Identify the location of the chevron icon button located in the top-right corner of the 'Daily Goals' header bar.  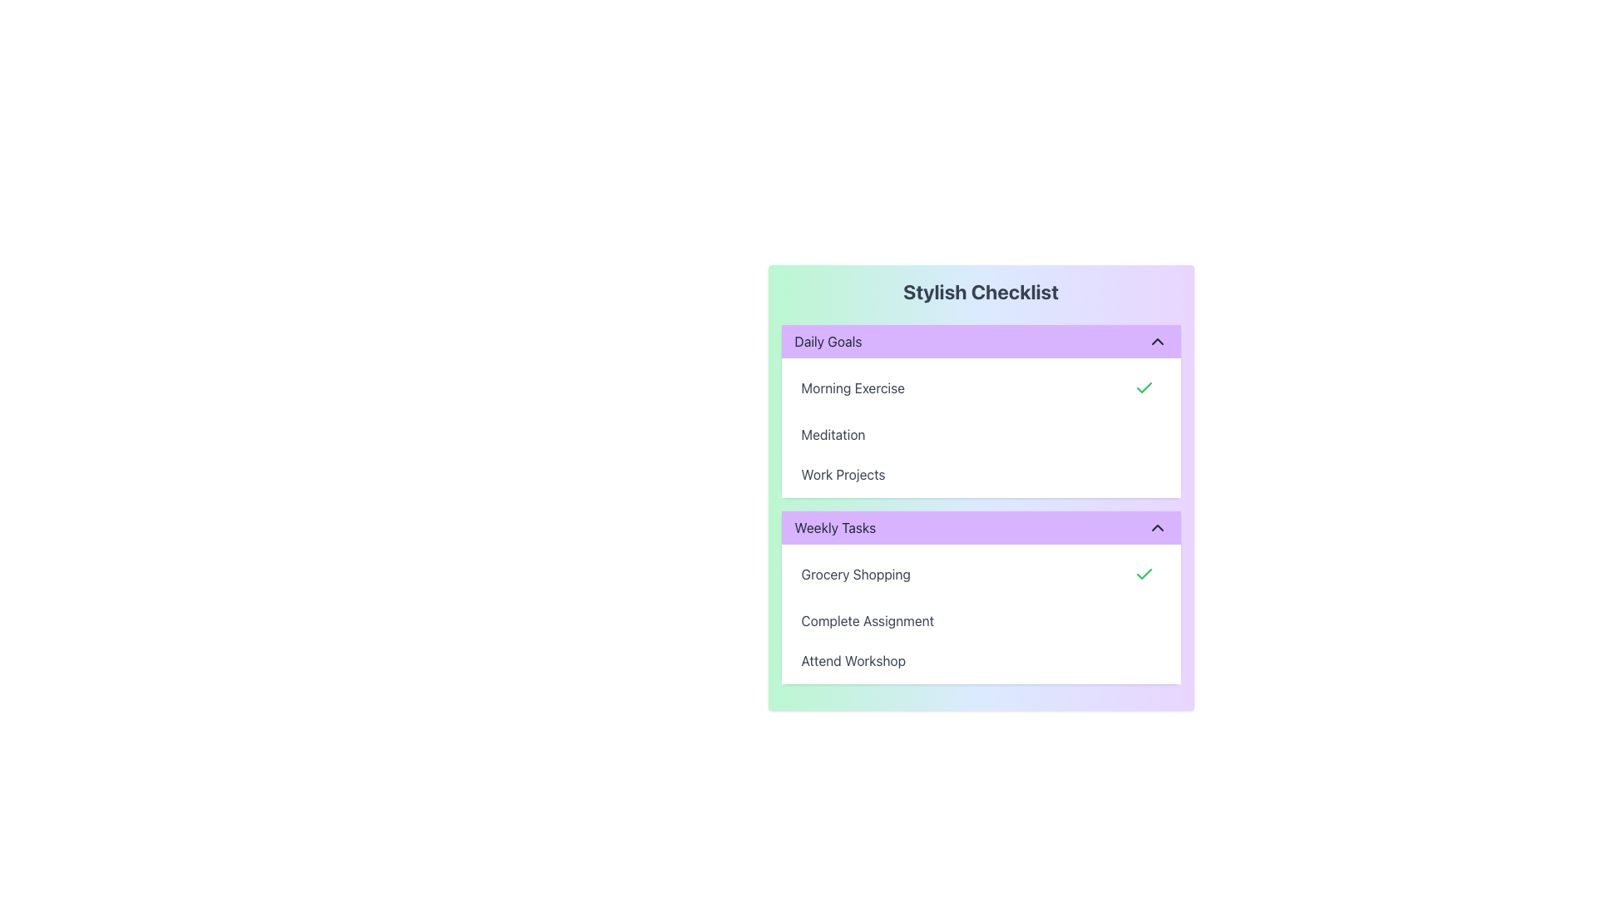
(1156, 341).